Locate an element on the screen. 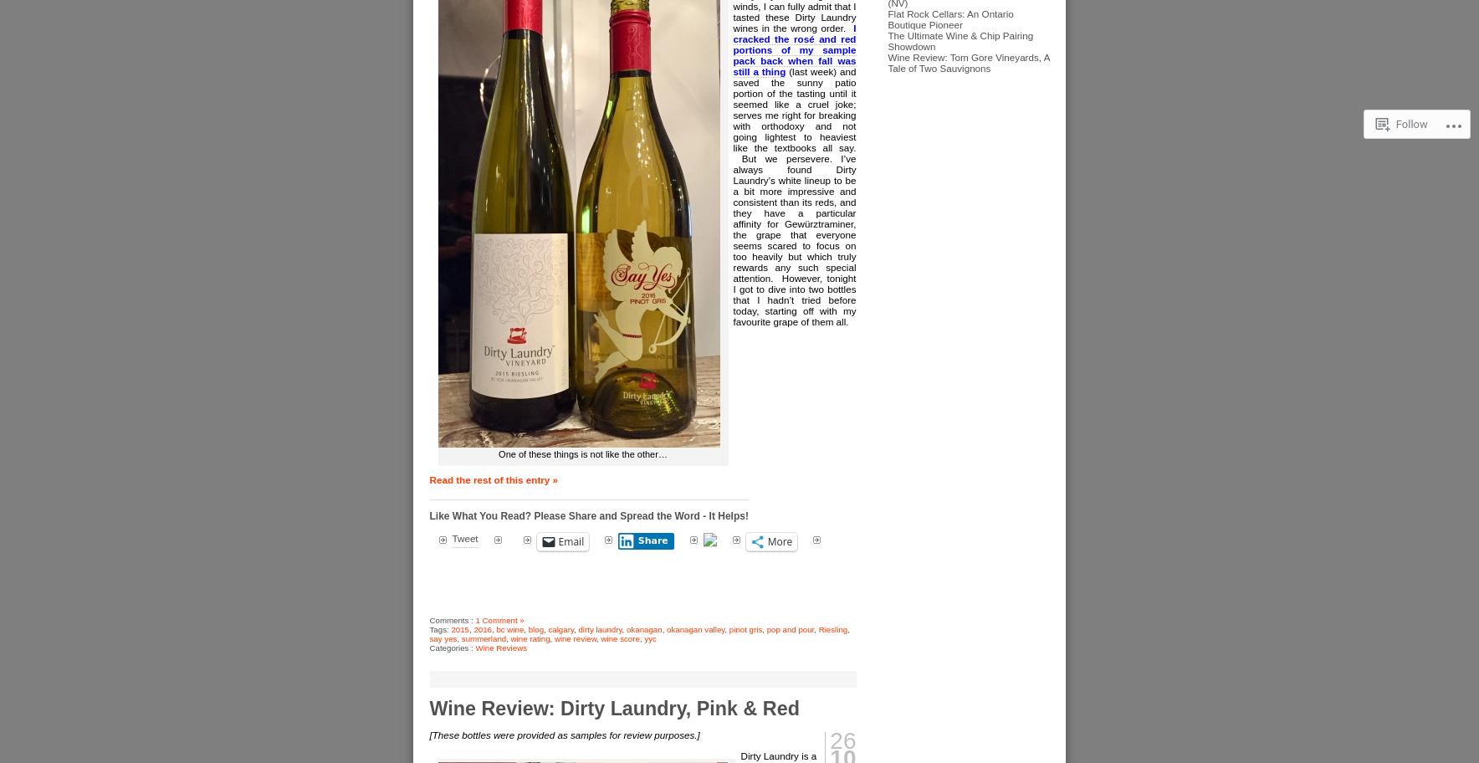 This screenshot has height=763, width=1479. '2016' is located at coordinates (472, 628).